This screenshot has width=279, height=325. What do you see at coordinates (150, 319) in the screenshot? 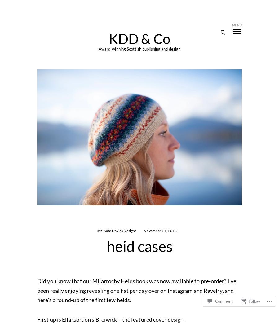
I see `'– the featured cover design.'` at bounding box center [150, 319].